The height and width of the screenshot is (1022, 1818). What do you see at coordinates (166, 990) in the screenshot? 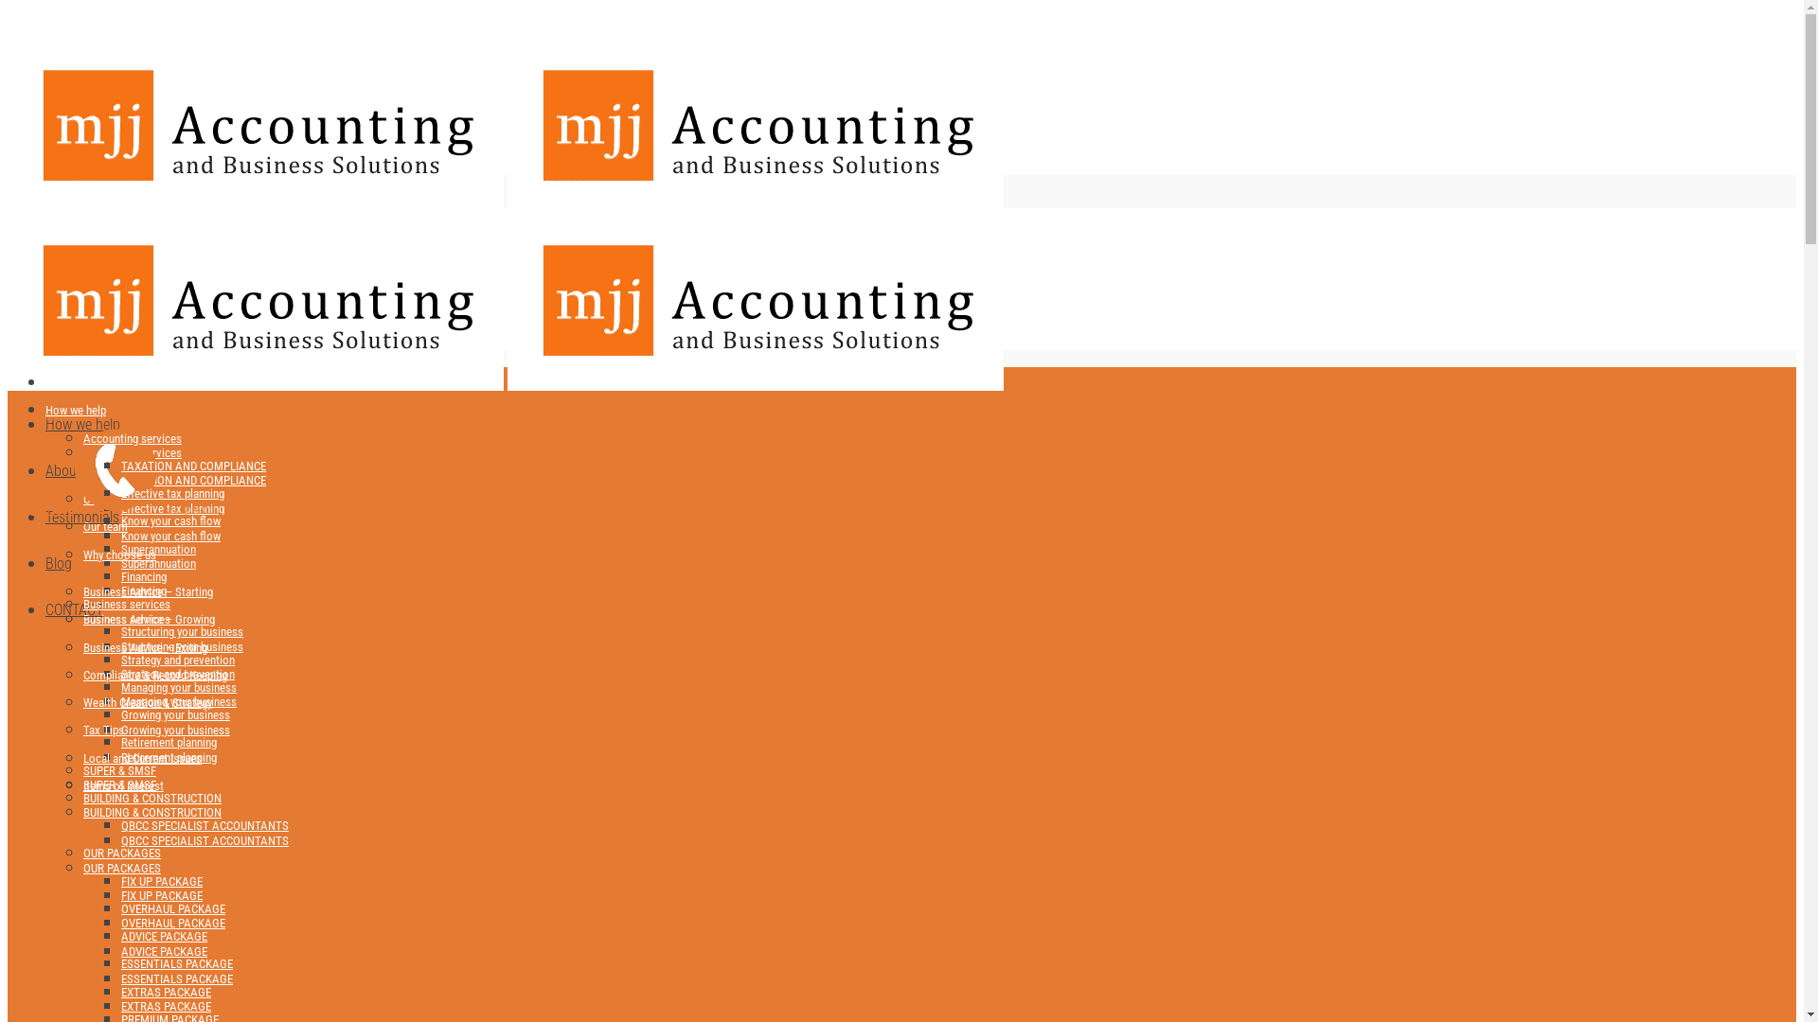
I see `'EXTRAS PACKAGE'` at bounding box center [166, 990].